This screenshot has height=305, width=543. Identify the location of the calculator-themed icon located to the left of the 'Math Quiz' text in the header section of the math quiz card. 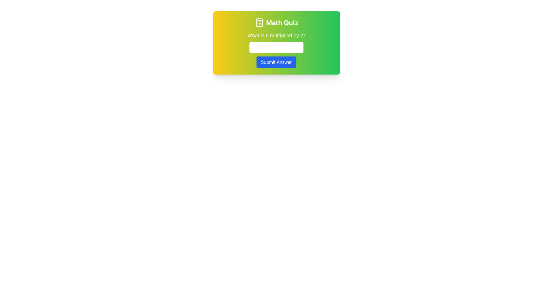
(259, 22).